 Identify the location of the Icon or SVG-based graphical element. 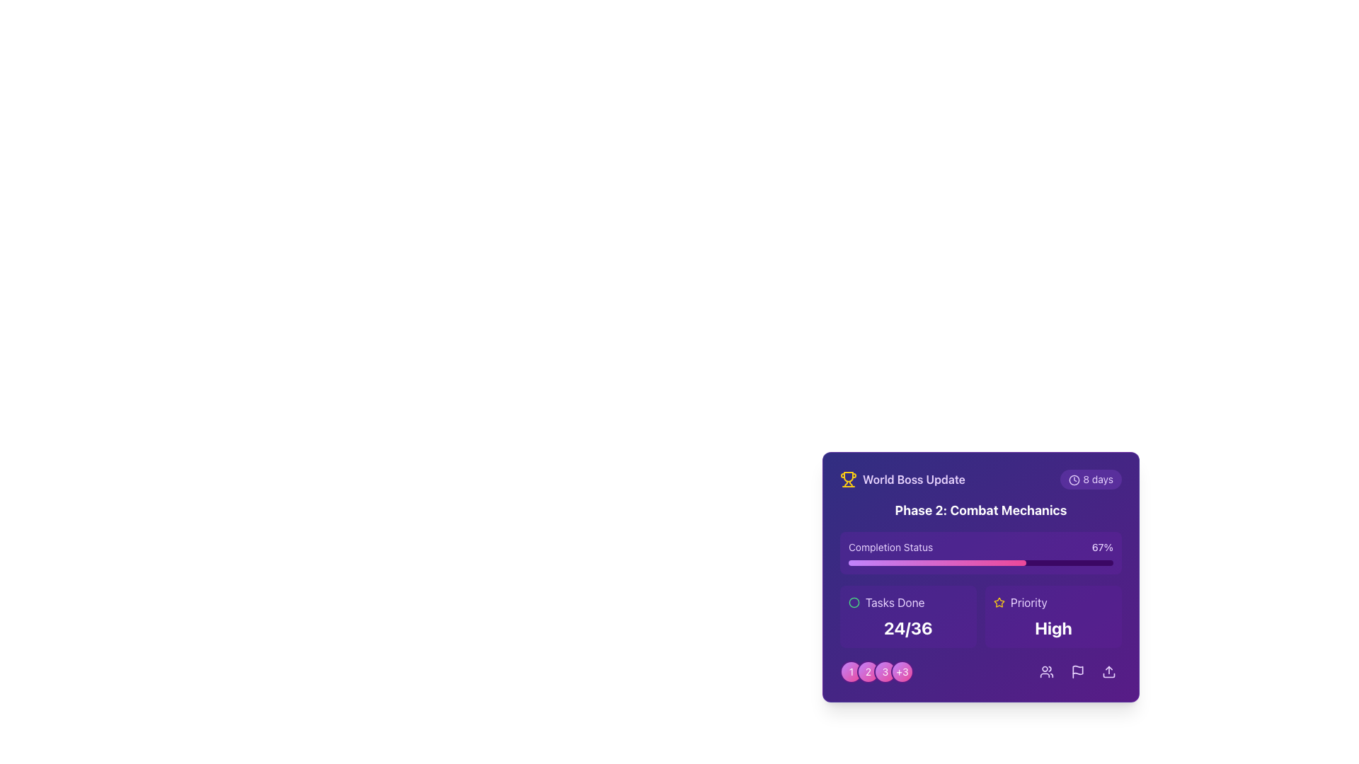
(853, 603).